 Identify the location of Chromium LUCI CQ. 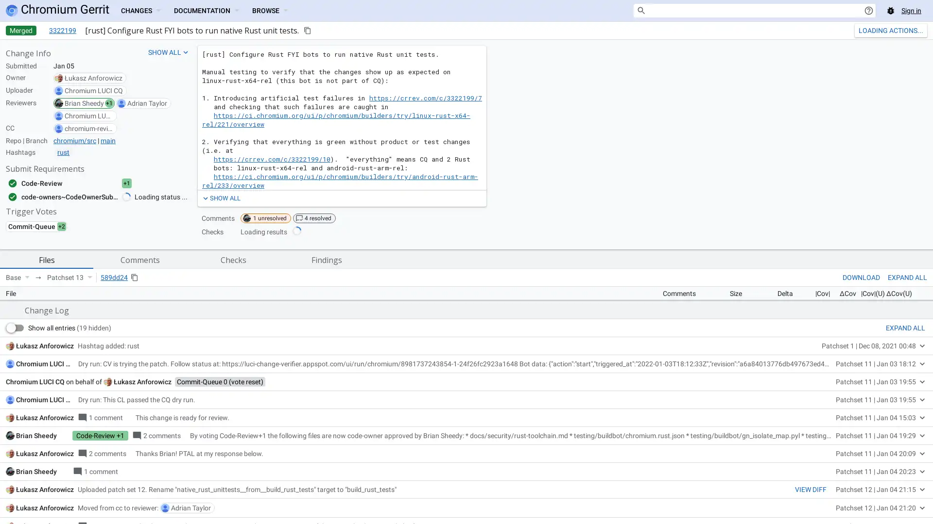
(93, 90).